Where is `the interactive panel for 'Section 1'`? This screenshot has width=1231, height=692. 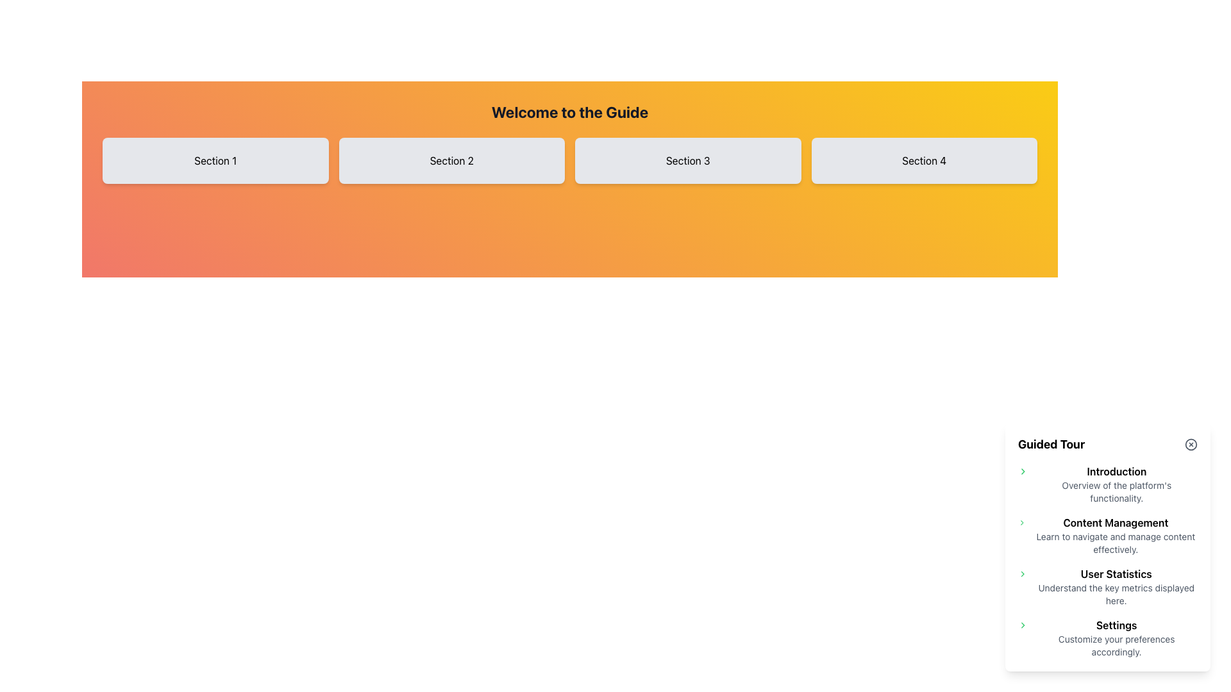
the interactive panel for 'Section 1' is located at coordinates (215, 160).